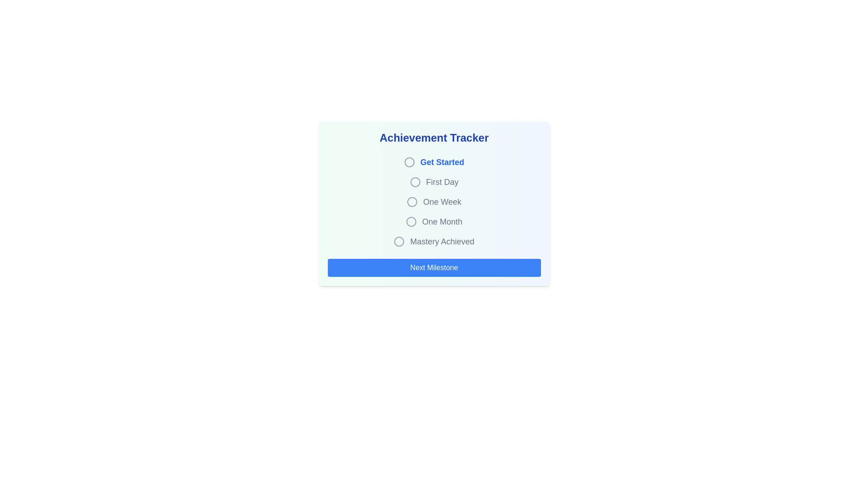 This screenshot has width=867, height=487. Describe the element at coordinates (434, 201) in the screenshot. I see `text displayed in the milestone label 'One Week', which is the third item in the vertical list of milestones` at that location.